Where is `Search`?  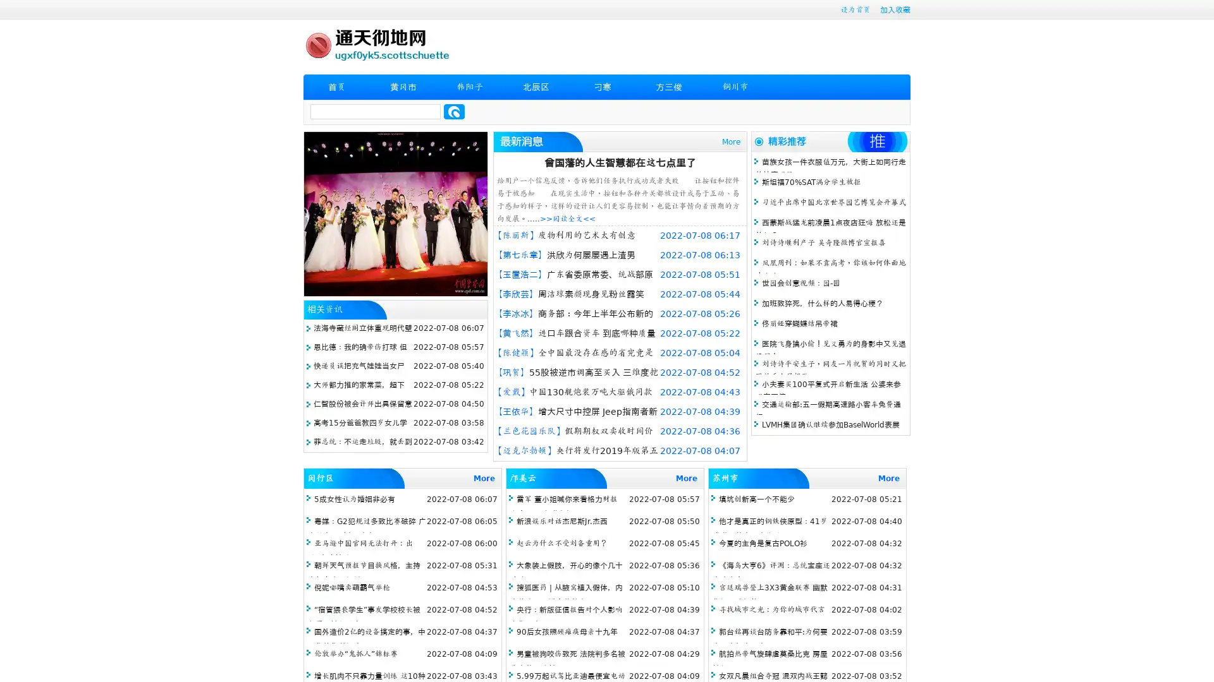
Search is located at coordinates (454, 111).